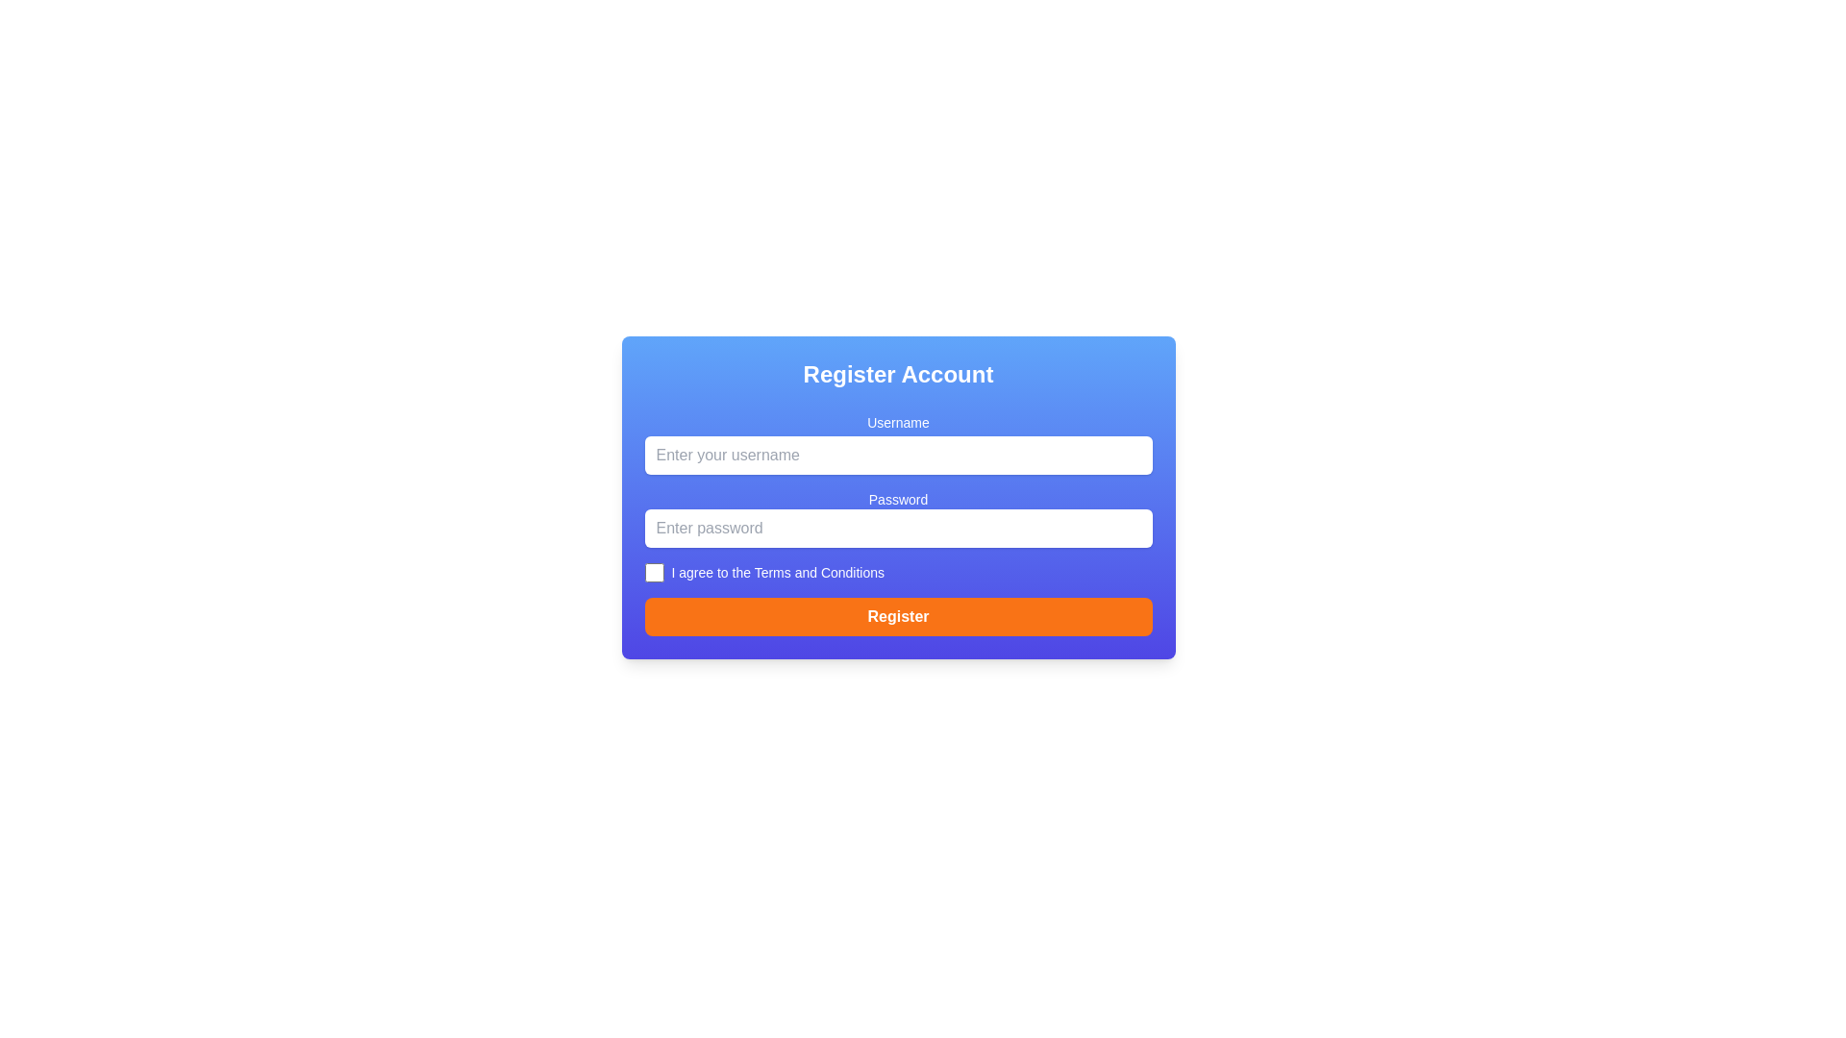 This screenshot has height=1038, width=1846. What do you see at coordinates (897, 374) in the screenshot?
I see `the Static Text Header that serves as the title for the registration form, which is located at the top of the rounded rectangular card with a gradient blue background` at bounding box center [897, 374].